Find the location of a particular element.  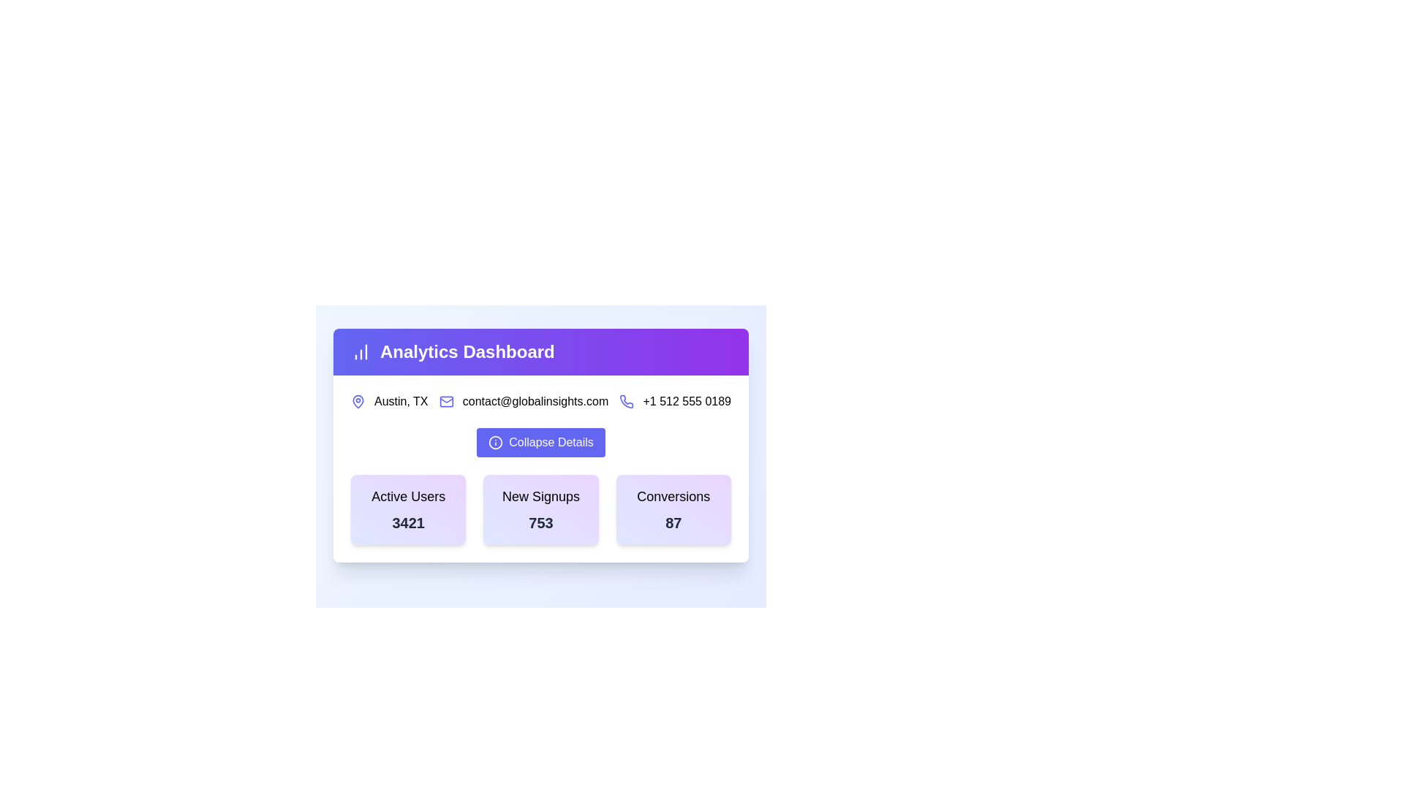

the downward-pointing indigo location pin icon, which has a rounded body tapering to a point and a hollow circular section at the top is located at coordinates (358, 400).